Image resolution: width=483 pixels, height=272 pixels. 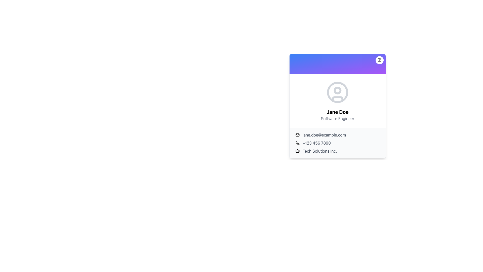 What do you see at coordinates (338, 143) in the screenshot?
I see `the contact information section at the bottom of the card layout, which displays the user's email, phone number, and company affiliation` at bounding box center [338, 143].